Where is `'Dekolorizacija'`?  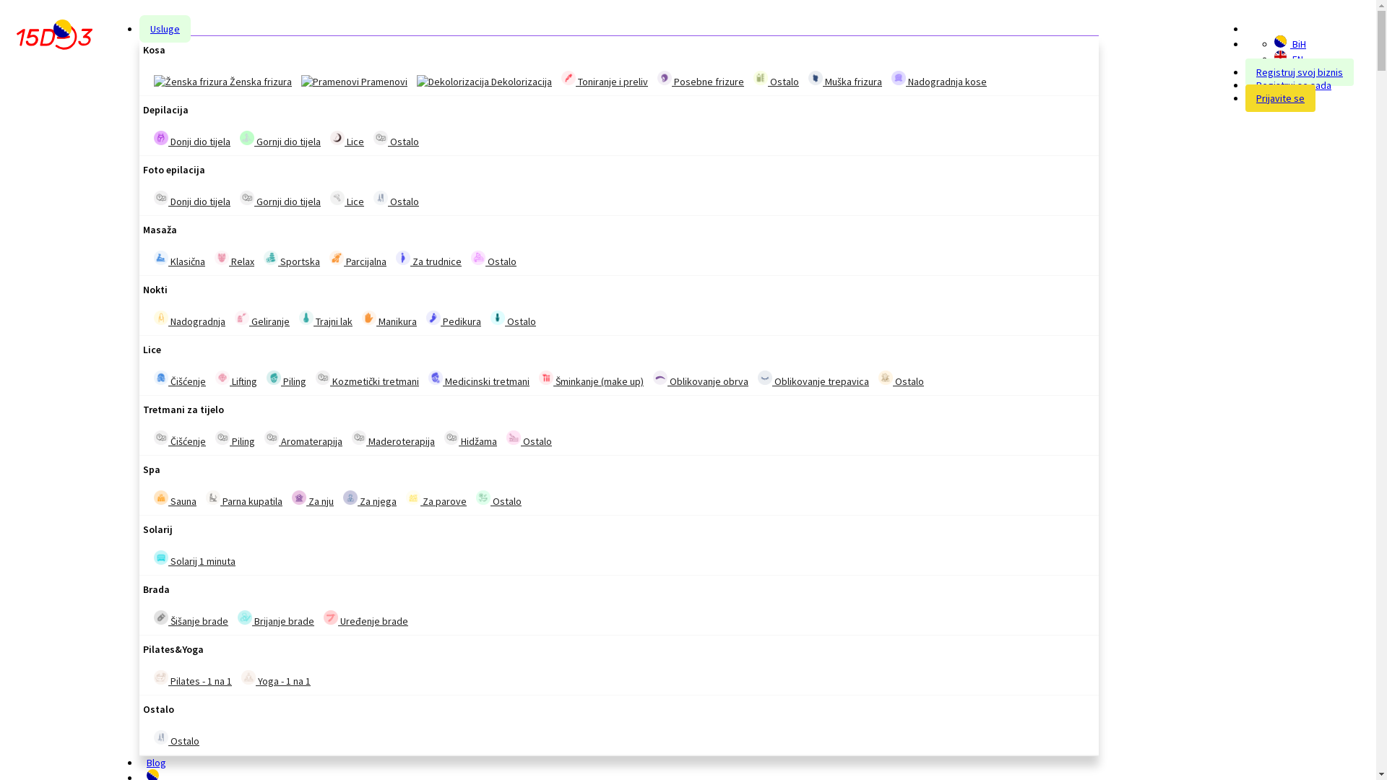
'Dekolorizacija' is located at coordinates (484, 81).